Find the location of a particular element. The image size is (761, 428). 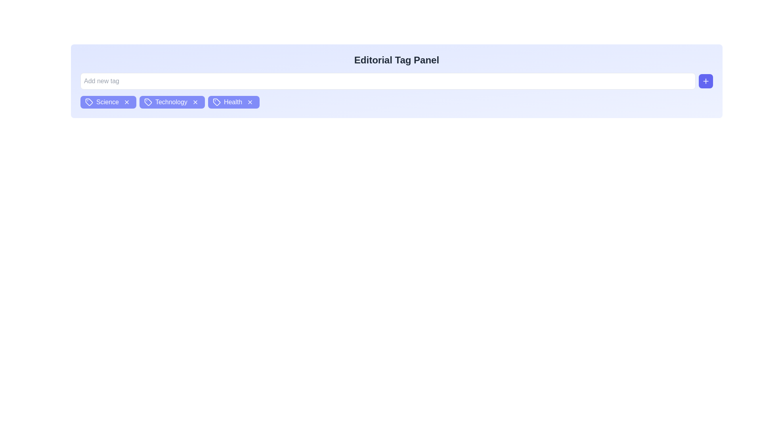

the button located to the immediate right of the text 'Science' to change its background color is located at coordinates (126, 102).